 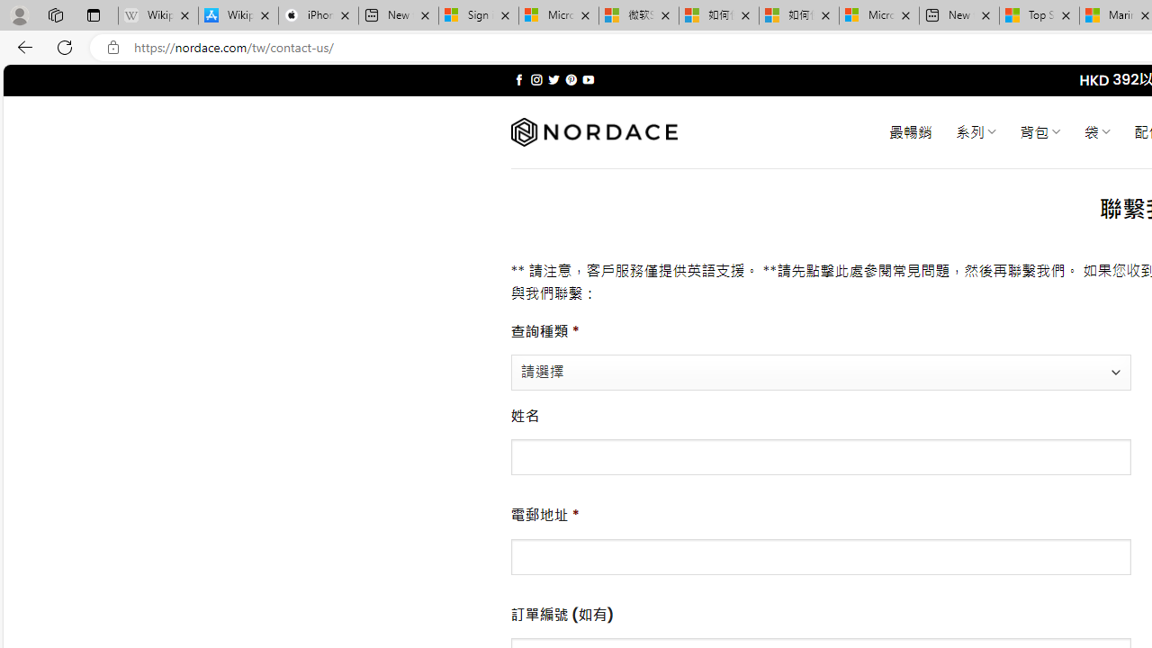 I want to click on 'Follow on Facebook', so click(x=518, y=79).